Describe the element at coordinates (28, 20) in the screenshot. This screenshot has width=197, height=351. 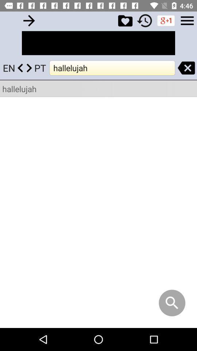
I see `go back` at that location.